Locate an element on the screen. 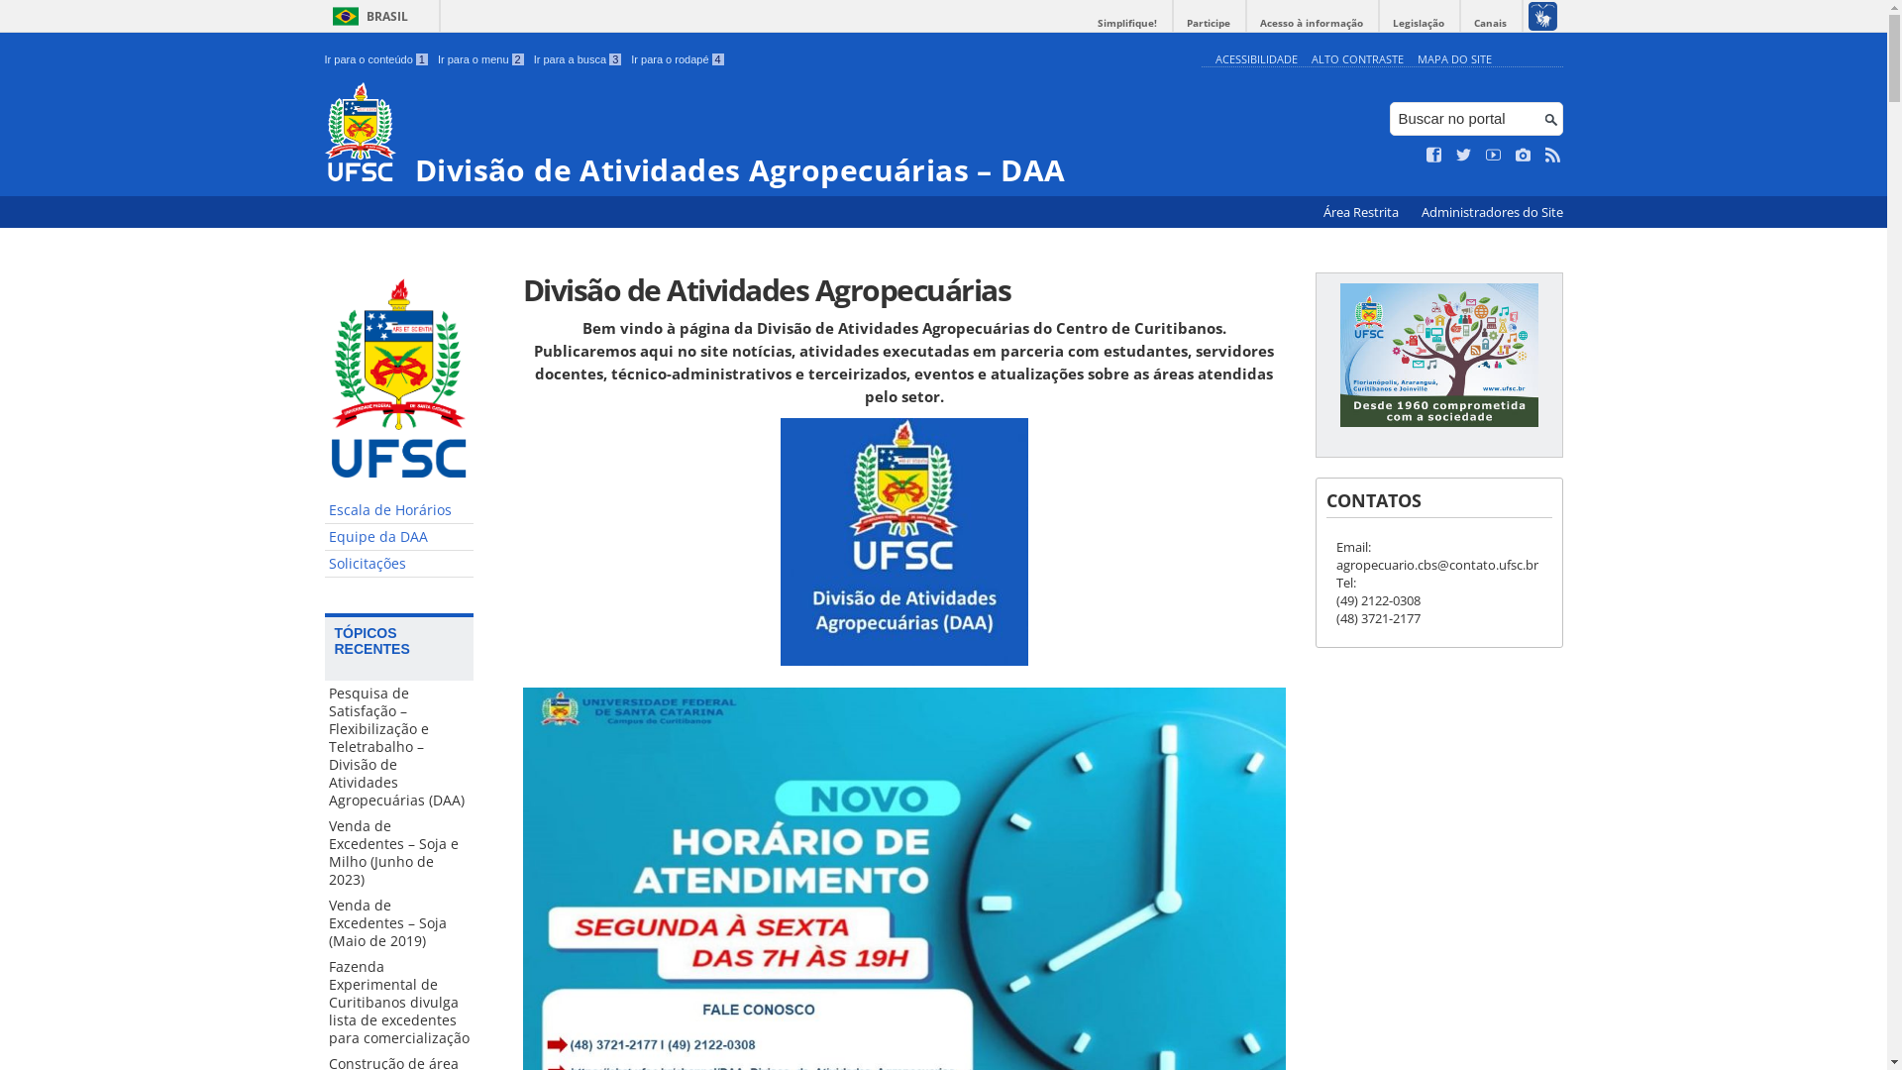 The width and height of the screenshot is (1902, 1070). 'Siga no Twitter' is located at coordinates (1464, 155).